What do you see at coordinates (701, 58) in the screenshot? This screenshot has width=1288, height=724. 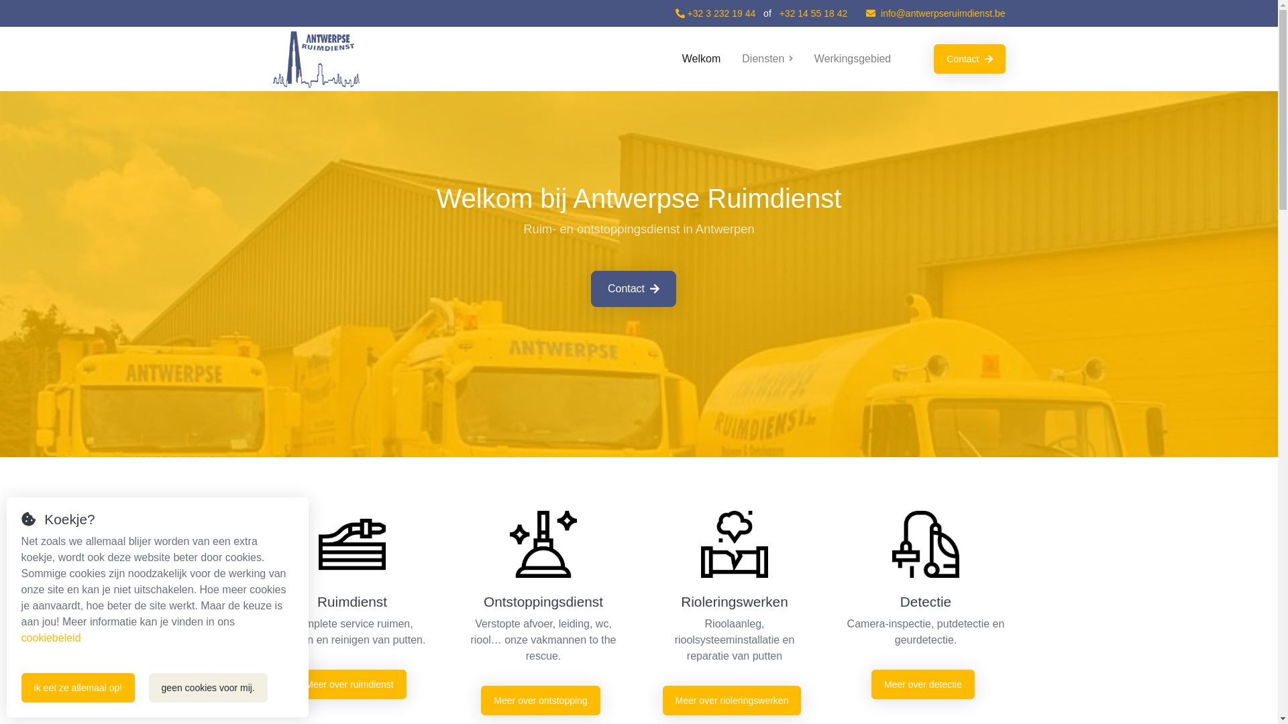 I see `'Welkom'` at bounding box center [701, 58].